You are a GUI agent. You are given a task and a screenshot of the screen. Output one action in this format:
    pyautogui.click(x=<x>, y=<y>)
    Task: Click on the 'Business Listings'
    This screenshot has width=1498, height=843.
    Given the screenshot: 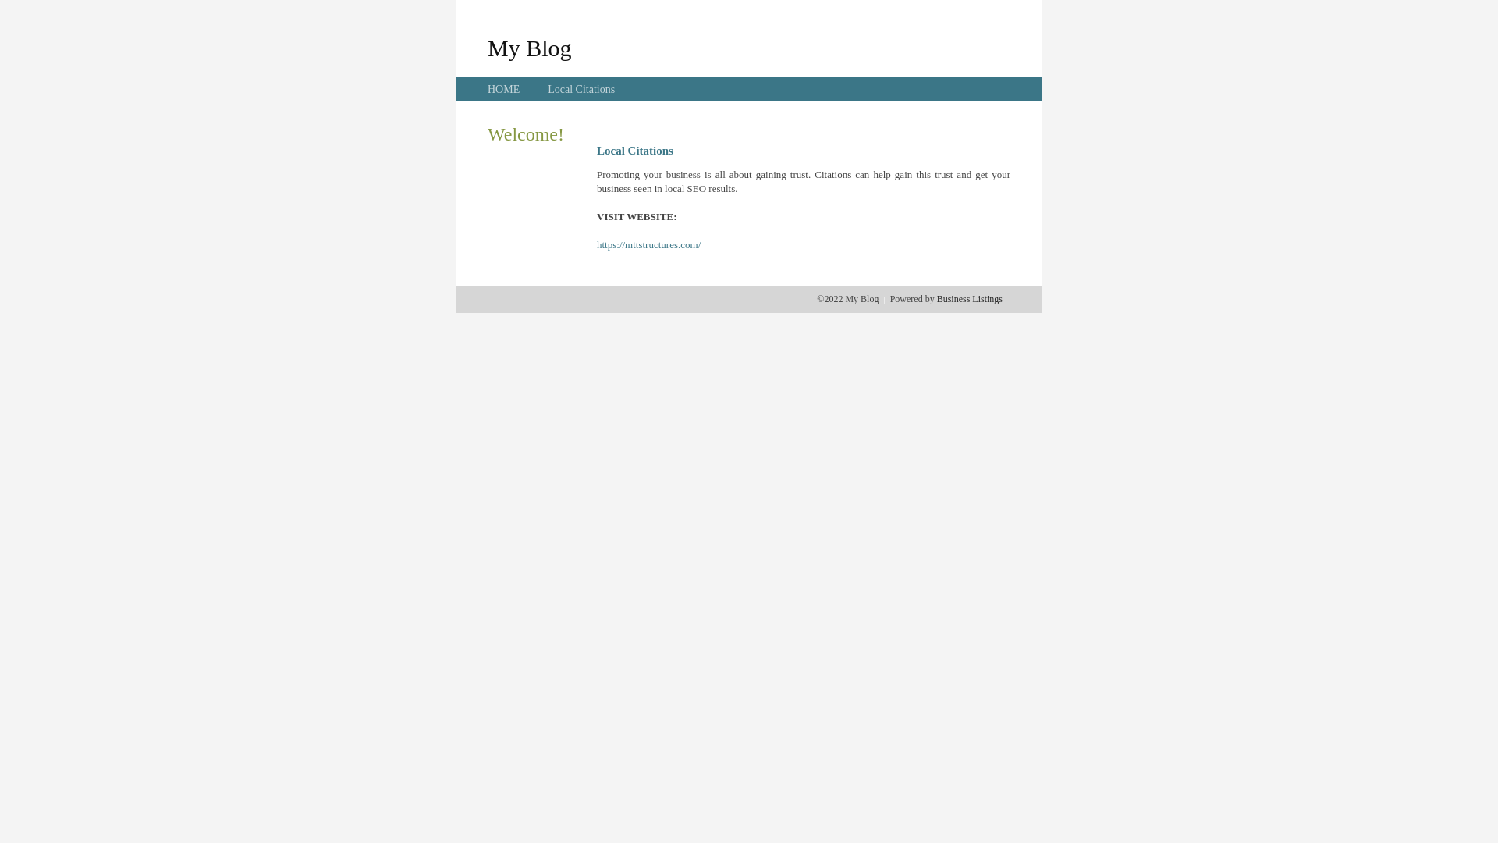 What is the action you would take?
    pyautogui.click(x=969, y=298)
    